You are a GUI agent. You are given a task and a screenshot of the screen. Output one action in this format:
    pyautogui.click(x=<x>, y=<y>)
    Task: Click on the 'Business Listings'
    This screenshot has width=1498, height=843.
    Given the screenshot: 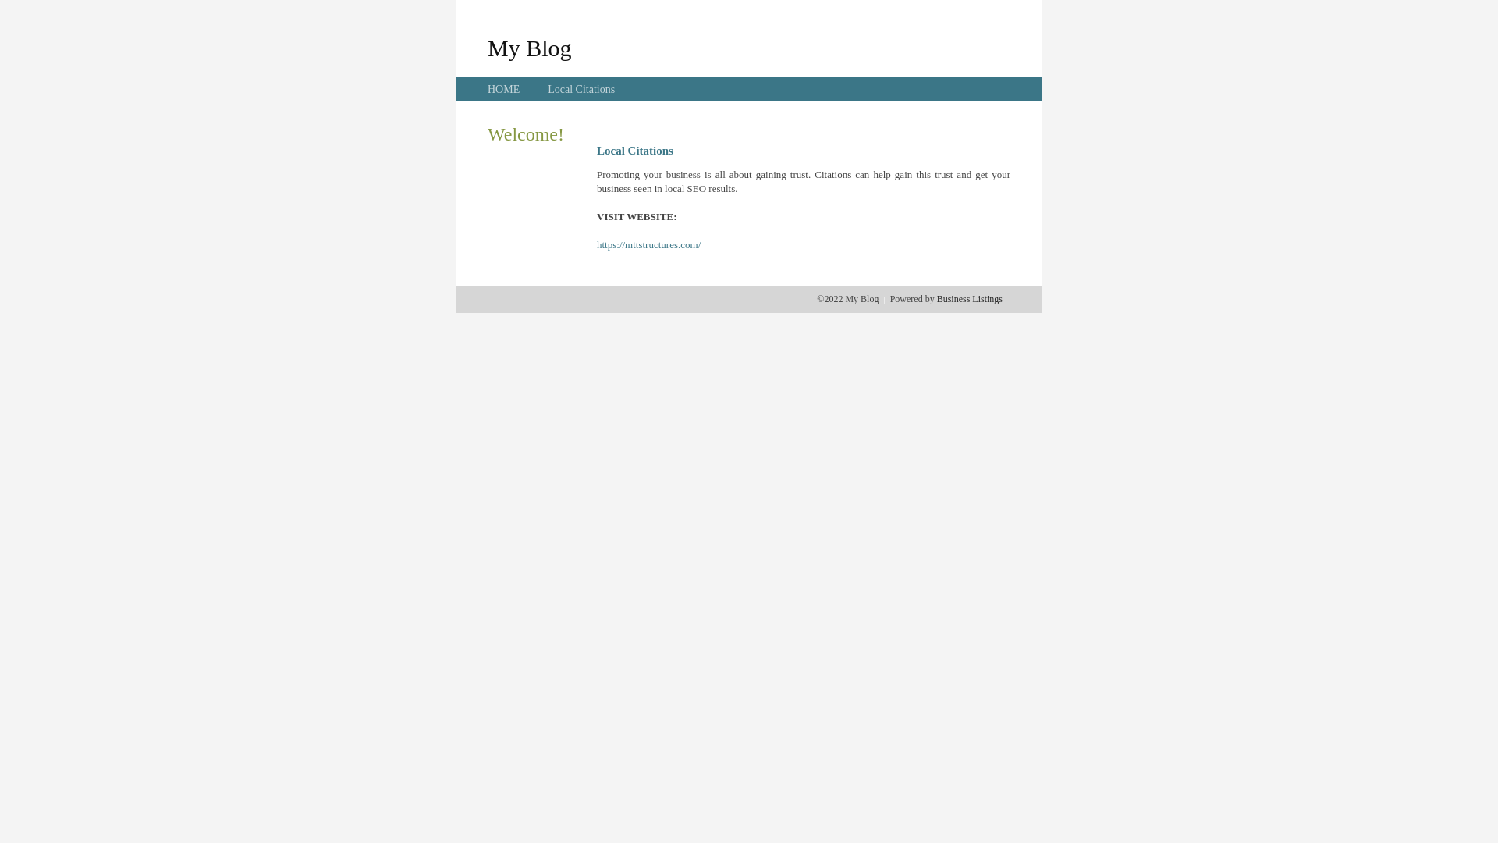 What is the action you would take?
    pyautogui.click(x=969, y=298)
    